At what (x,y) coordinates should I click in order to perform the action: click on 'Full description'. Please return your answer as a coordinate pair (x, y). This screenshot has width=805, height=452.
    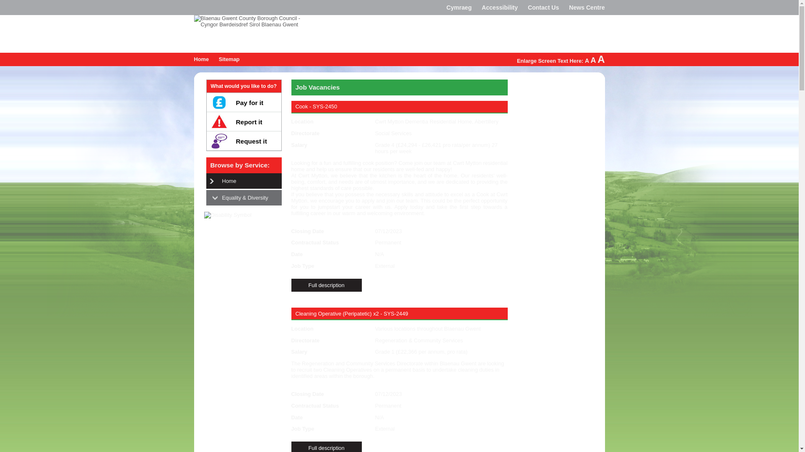
    Looking at the image, I should click on (325, 285).